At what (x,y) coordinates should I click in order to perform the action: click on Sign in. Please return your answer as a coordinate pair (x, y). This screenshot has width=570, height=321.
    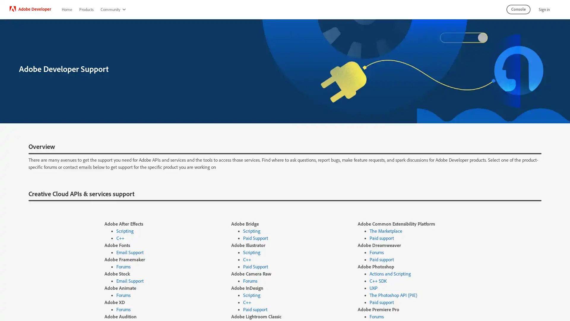
    Looking at the image, I should click on (544, 9).